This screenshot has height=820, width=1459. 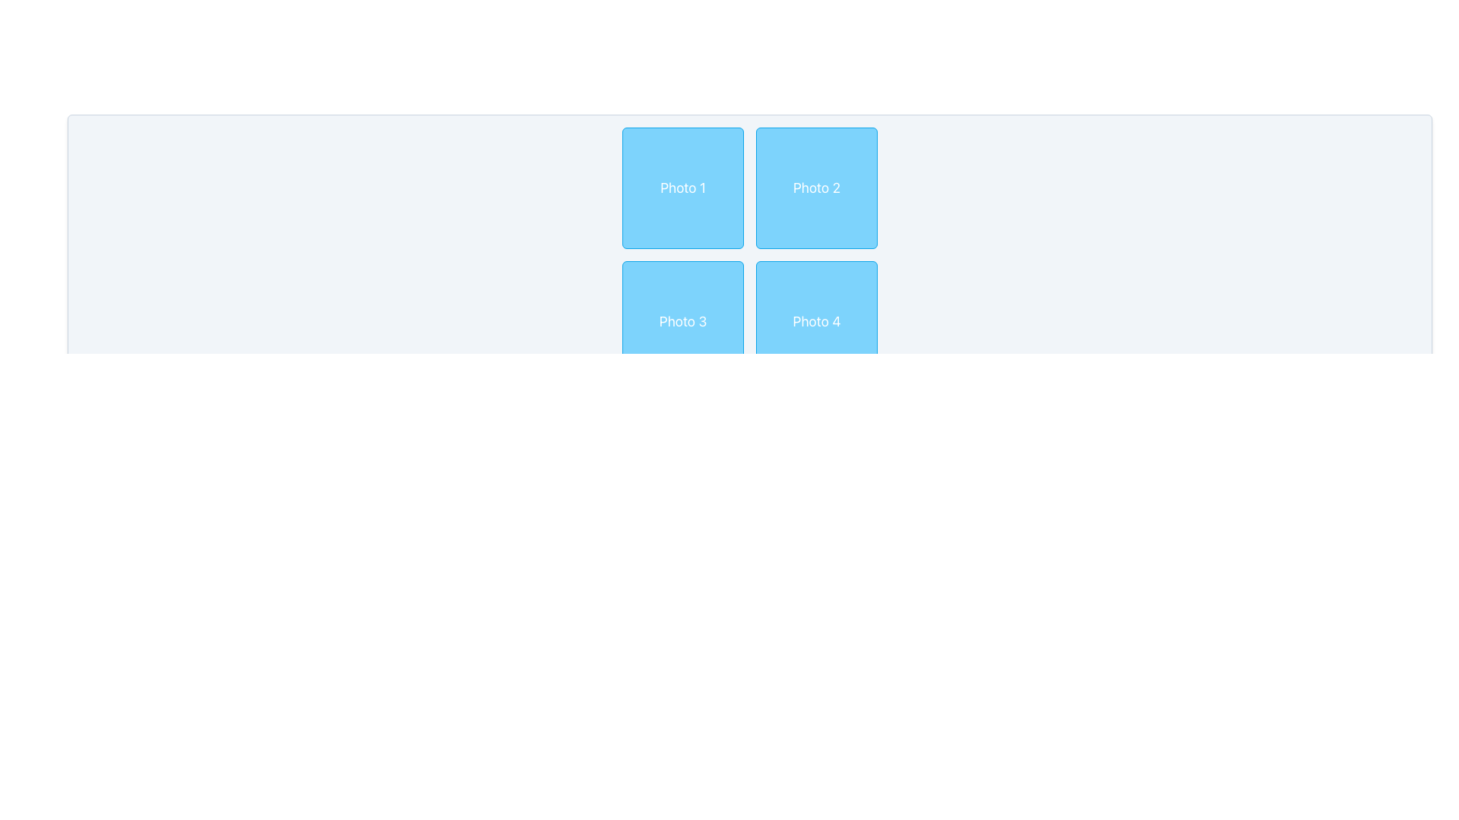 What do you see at coordinates (816, 321) in the screenshot?
I see `the square-shaped box with a light blue background and rounded corners that contains the centered text 'Photo 4'` at bounding box center [816, 321].